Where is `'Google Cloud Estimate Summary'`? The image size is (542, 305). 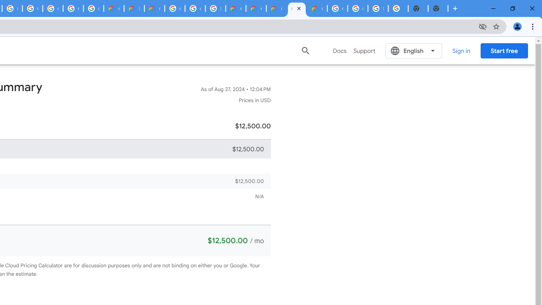 'Google Cloud Estimate Summary' is located at coordinates (296, 8).